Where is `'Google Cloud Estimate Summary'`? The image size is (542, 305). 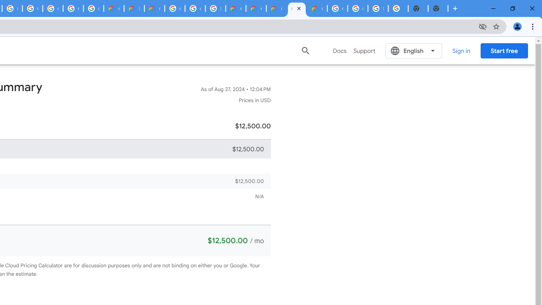 'Google Cloud Estimate Summary' is located at coordinates (296, 8).